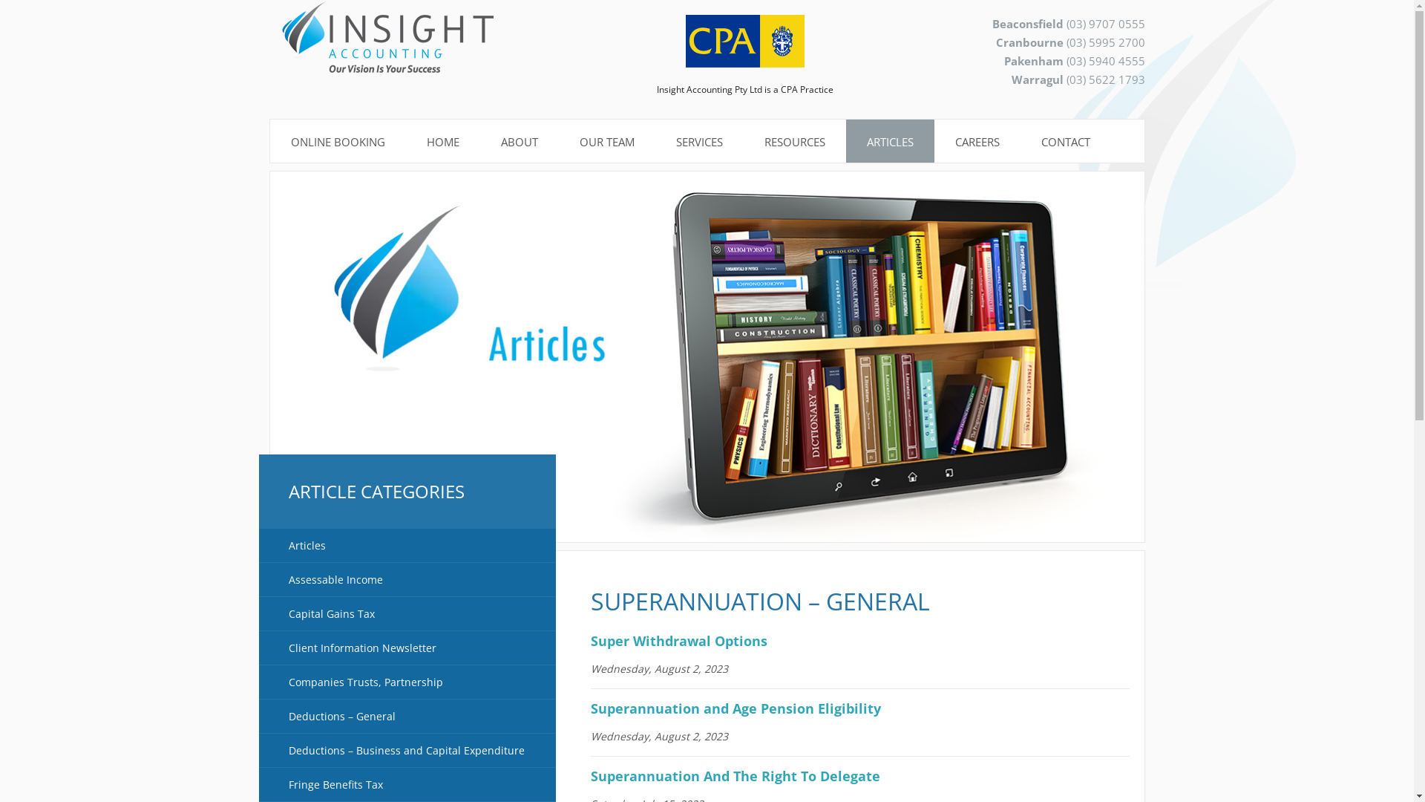  Describe the element at coordinates (793, 142) in the screenshot. I see `'RESOURCES'` at that location.